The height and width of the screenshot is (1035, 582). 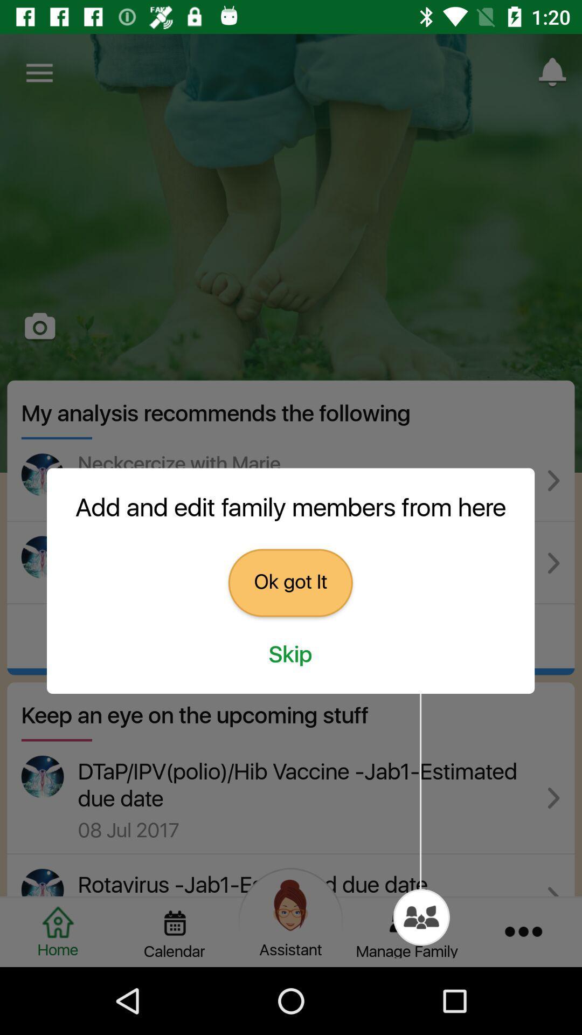 I want to click on item below the ok got it item, so click(x=290, y=654).